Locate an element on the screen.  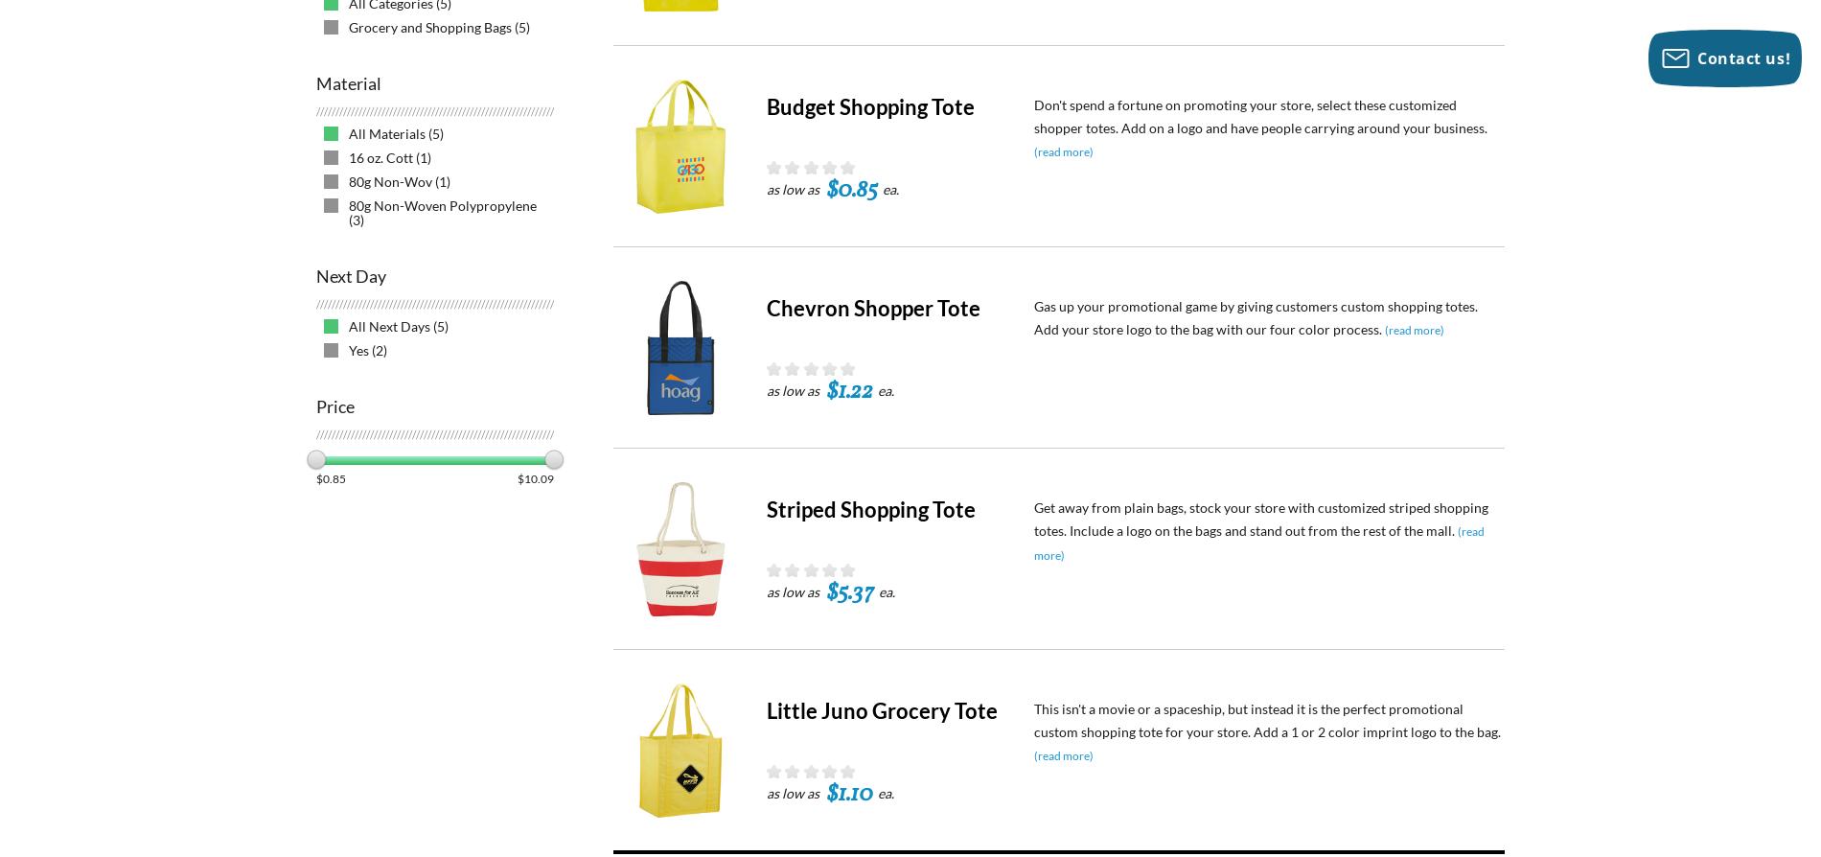
'80g Non-Wov (1)' is located at coordinates (399, 181).